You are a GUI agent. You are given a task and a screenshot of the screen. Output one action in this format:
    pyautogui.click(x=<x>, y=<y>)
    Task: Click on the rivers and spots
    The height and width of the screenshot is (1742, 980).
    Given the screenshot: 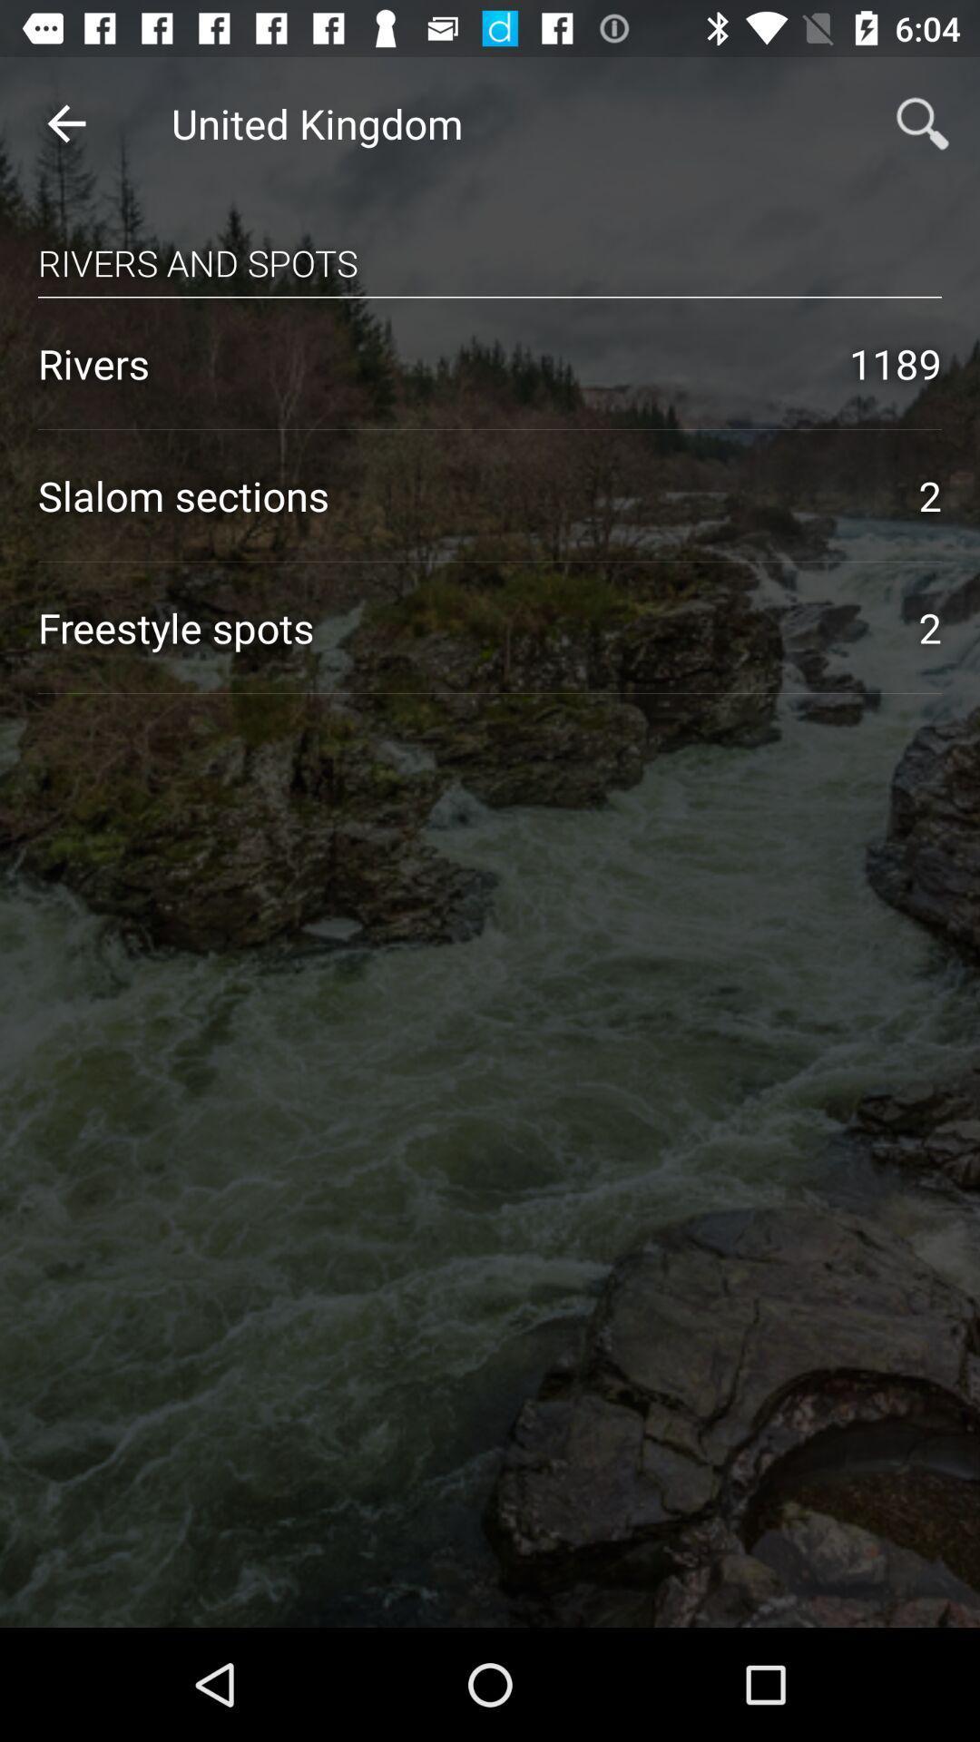 What is the action you would take?
    pyautogui.click(x=490, y=245)
    